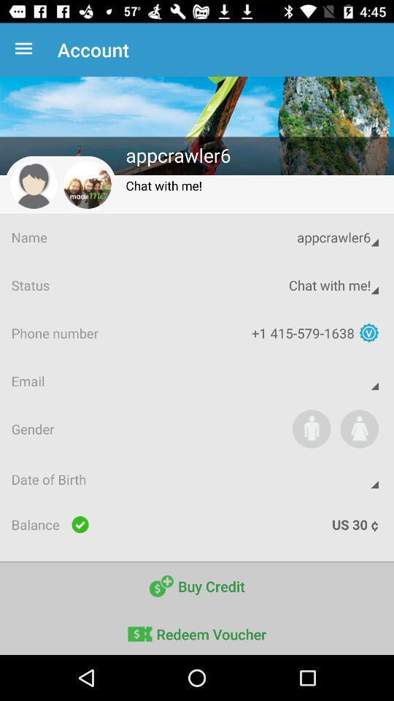 The image size is (394, 701). I want to click on item to the right of gender icon, so click(311, 429).